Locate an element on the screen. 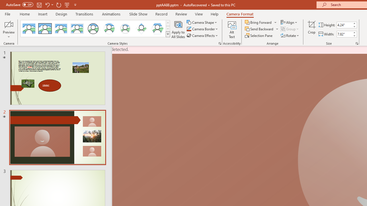 The width and height of the screenshot is (367, 206). 'Camera Shape' is located at coordinates (202, 22).